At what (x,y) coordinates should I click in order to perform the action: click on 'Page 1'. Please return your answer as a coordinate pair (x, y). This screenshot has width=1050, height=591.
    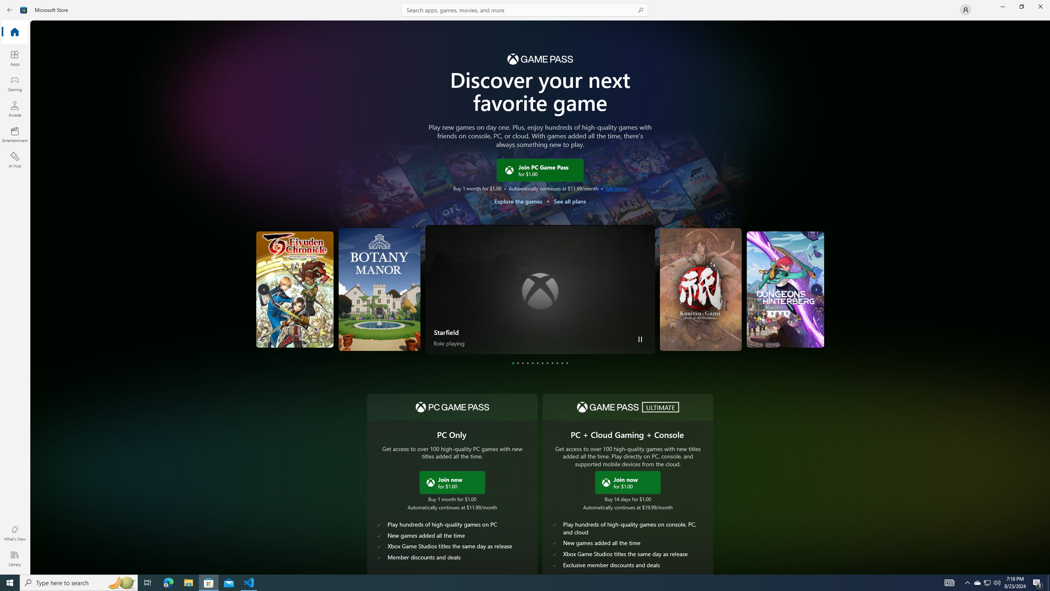
    Looking at the image, I should click on (513, 363).